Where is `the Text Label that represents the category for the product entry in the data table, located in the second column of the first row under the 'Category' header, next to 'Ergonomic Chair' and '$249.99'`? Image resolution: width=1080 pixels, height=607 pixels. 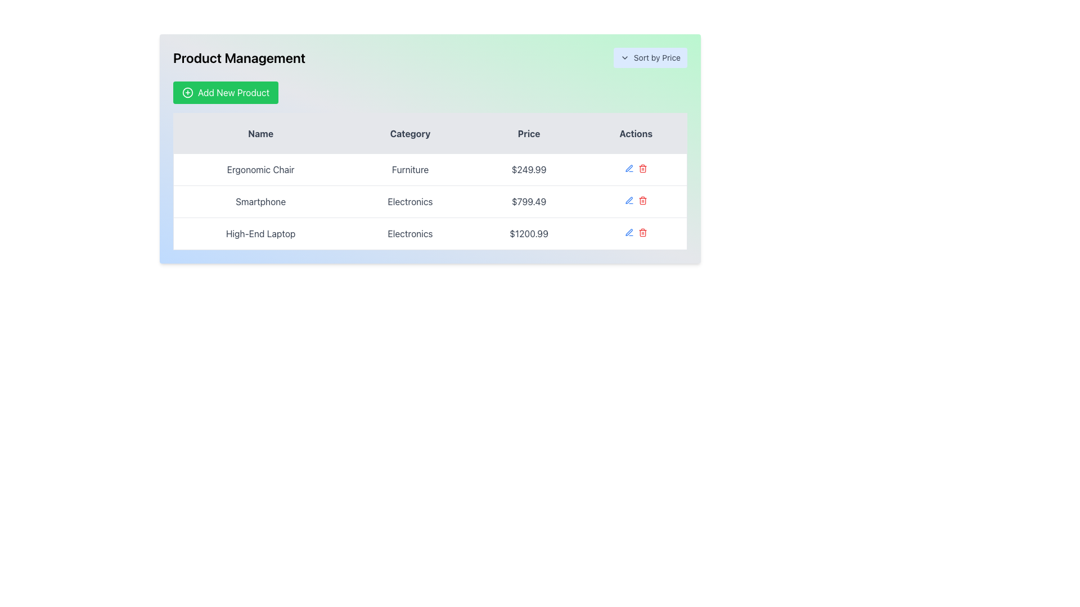 the Text Label that represents the category for the product entry in the data table, located in the second column of the first row under the 'Category' header, next to 'Ergonomic Chair' and '$249.99' is located at coordinates (409, 170).